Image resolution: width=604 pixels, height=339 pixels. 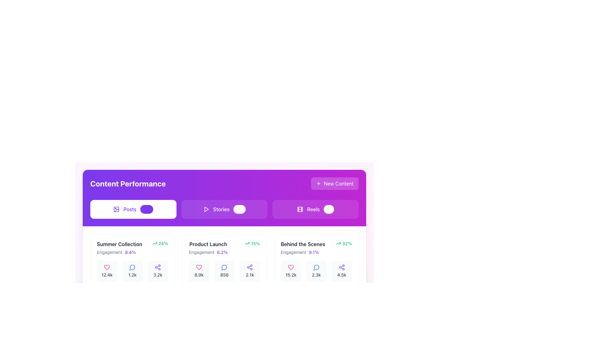 I want to click on the third Stat Card that displays the number of shares, located in the 'Content Performance' section, so click(x=158, y=271).